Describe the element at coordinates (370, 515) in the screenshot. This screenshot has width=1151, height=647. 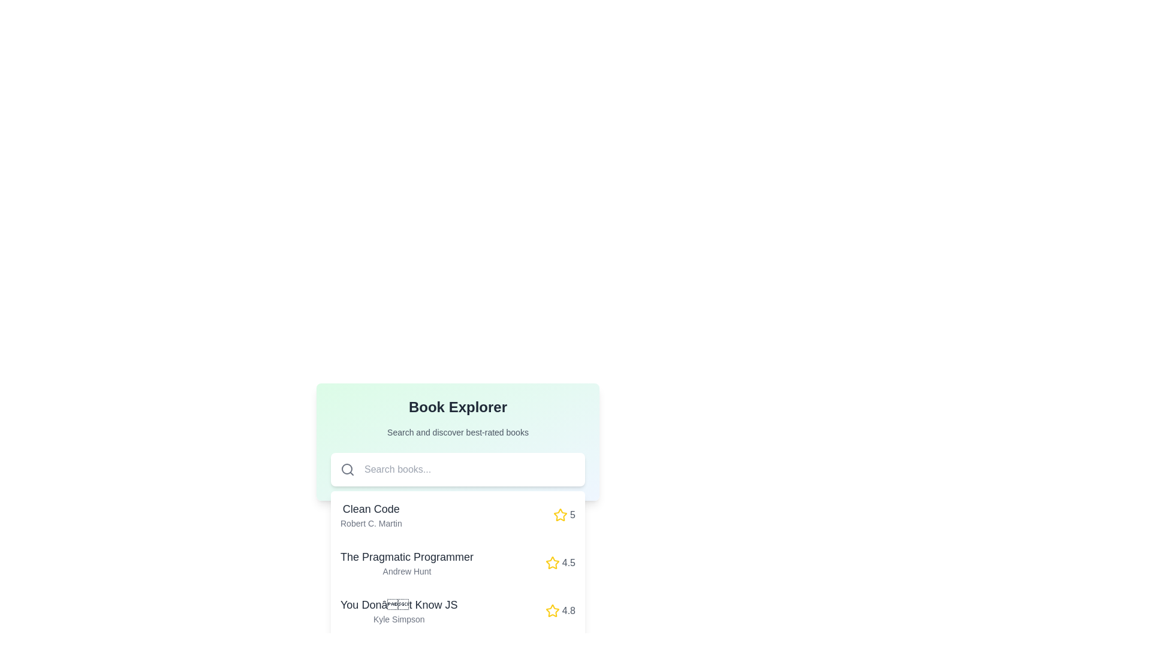
I see `'Clean Code' title and 'Robert C. Martin' subtitle from the Text element located in the first book entry of the 'Book Explorer' section` at that location.